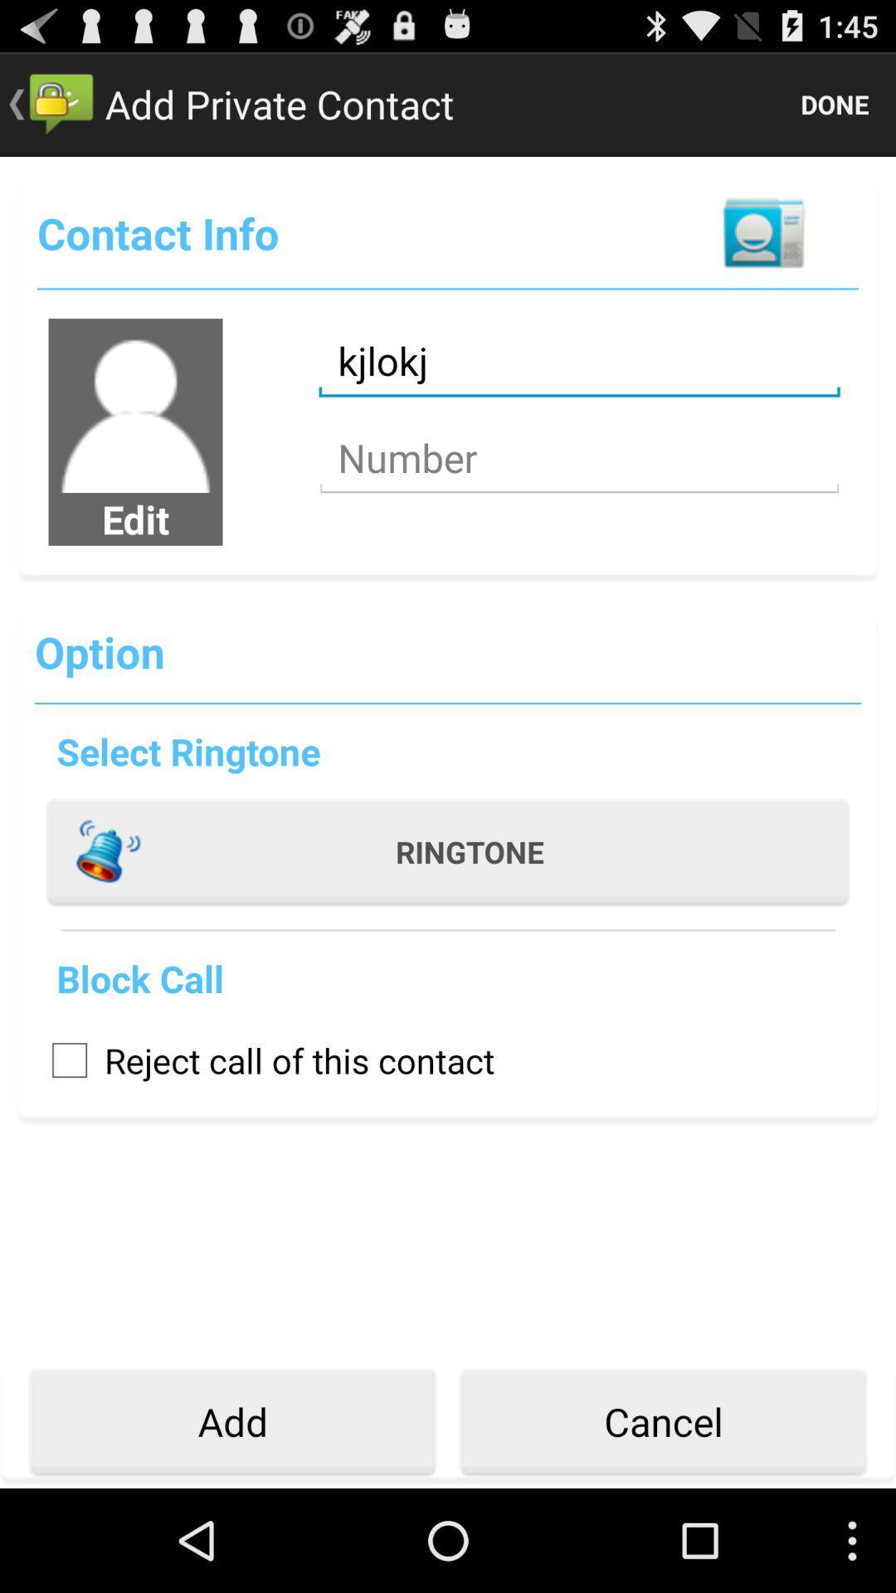 The height and width of the screenshot is (1593, 896). I want to click on the icon next to kjlokj item, so click(134, 406).